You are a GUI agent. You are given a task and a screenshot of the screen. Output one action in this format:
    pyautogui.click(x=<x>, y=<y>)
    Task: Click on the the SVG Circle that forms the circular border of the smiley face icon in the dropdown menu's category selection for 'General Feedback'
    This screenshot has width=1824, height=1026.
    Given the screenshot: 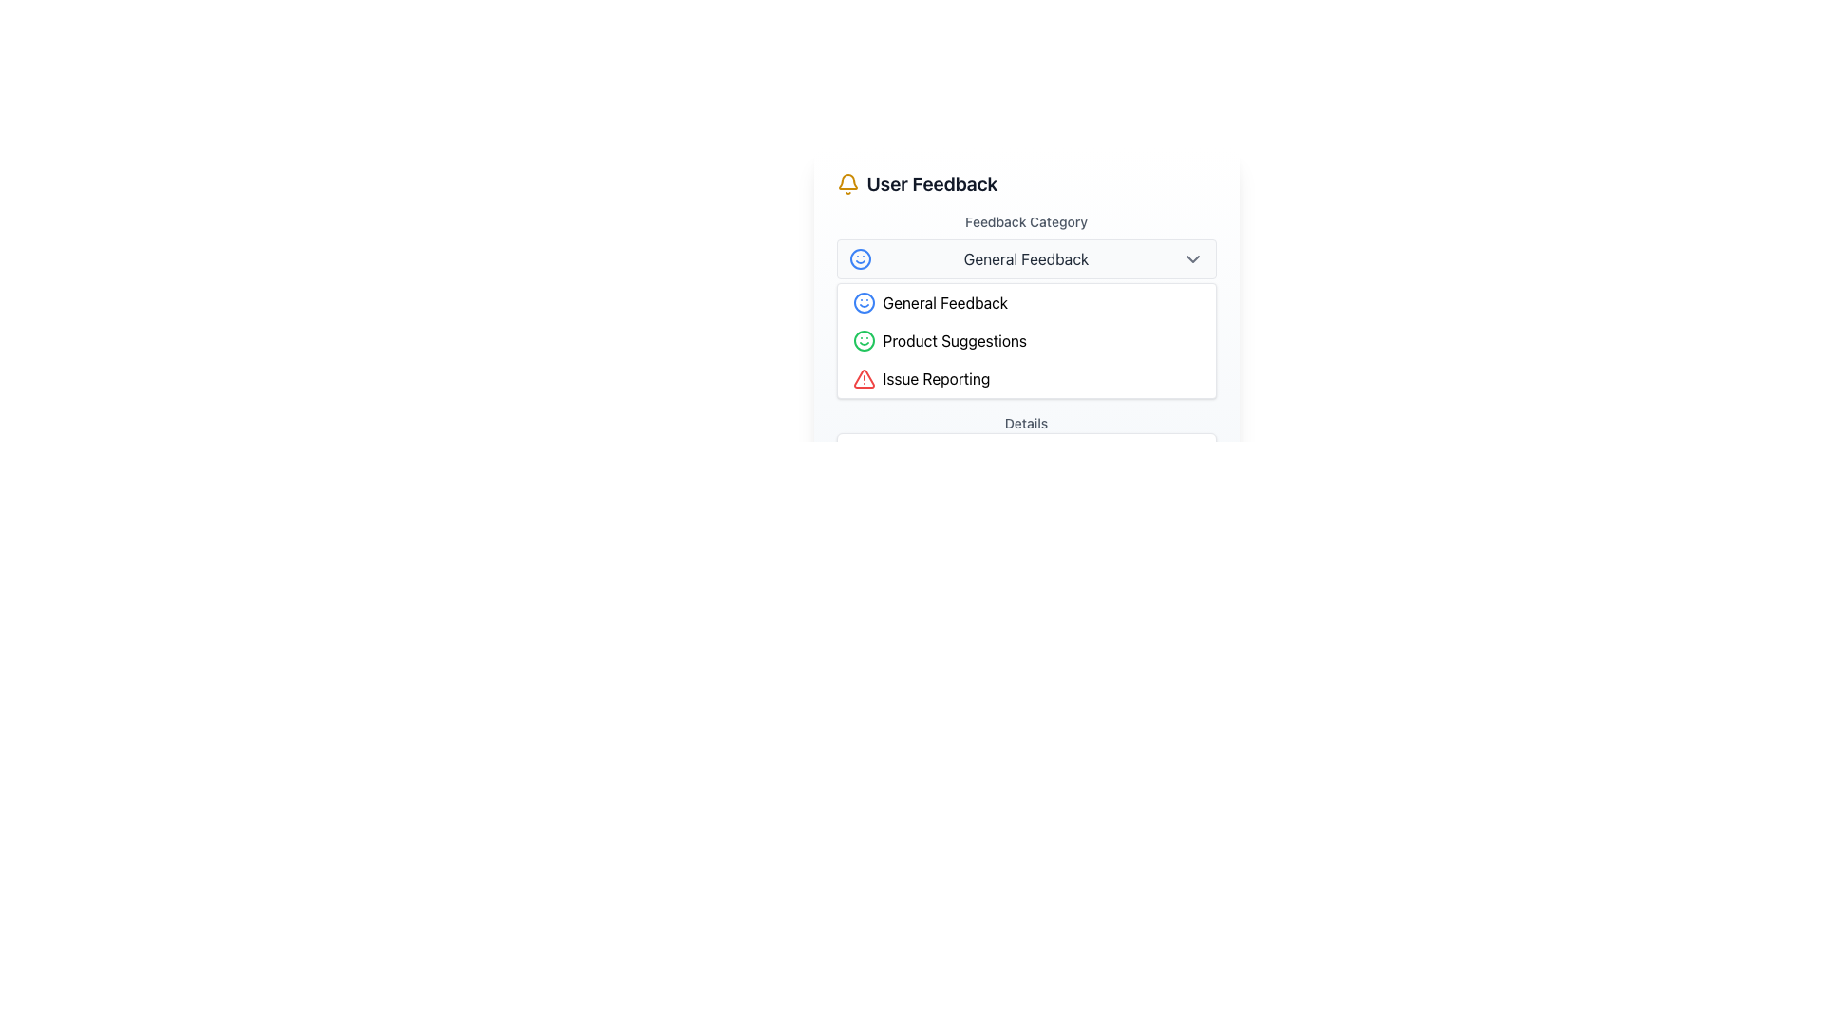 What is the action you would take?
    pyautogui.click(x=859, y=259)
    